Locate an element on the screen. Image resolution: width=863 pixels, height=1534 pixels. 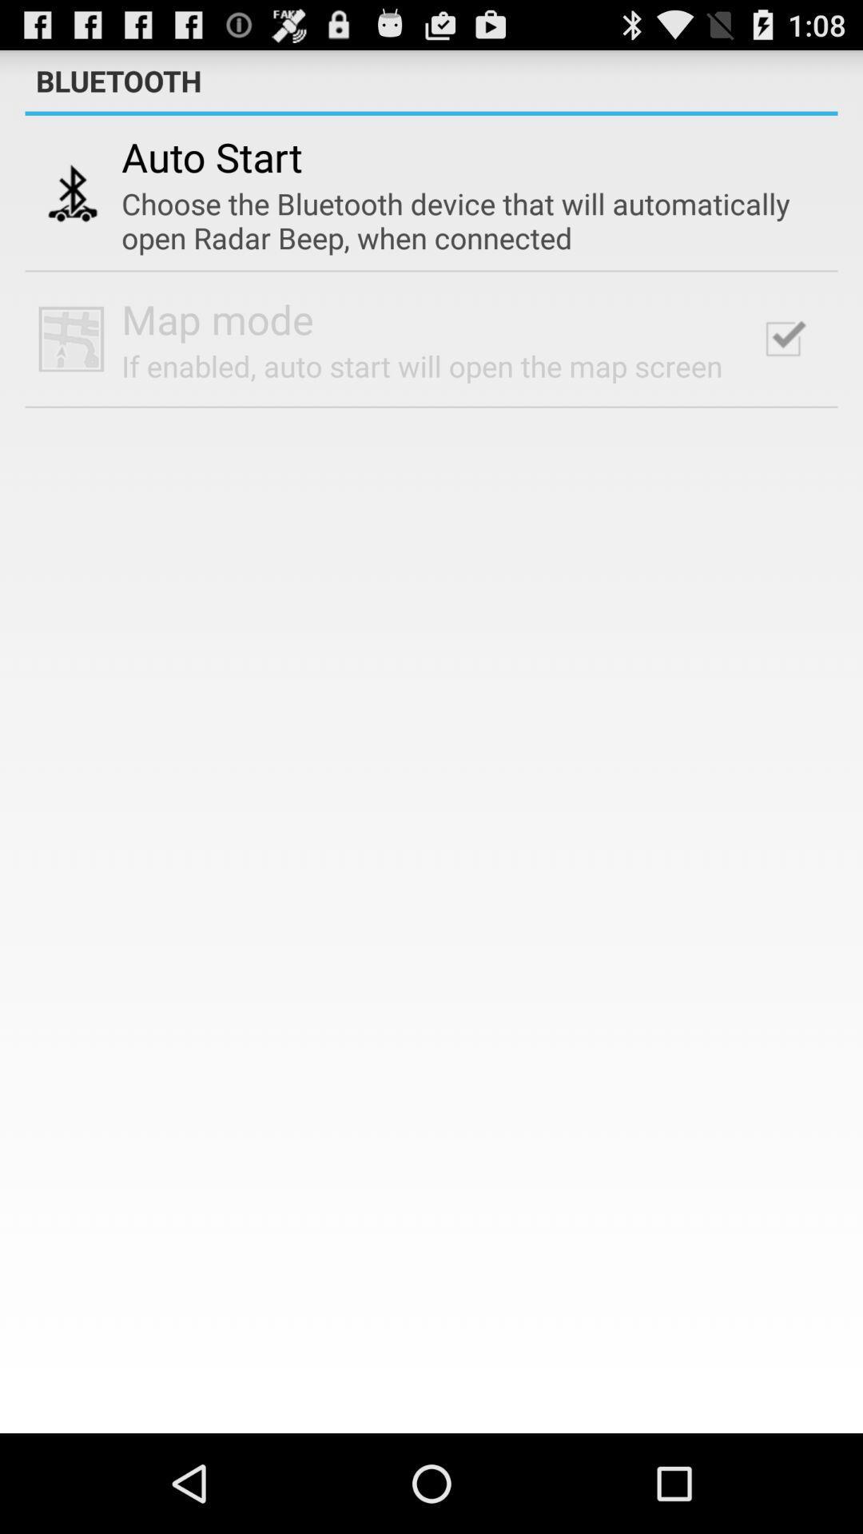
the if enabled auto app is located at coordinates (421, 365).